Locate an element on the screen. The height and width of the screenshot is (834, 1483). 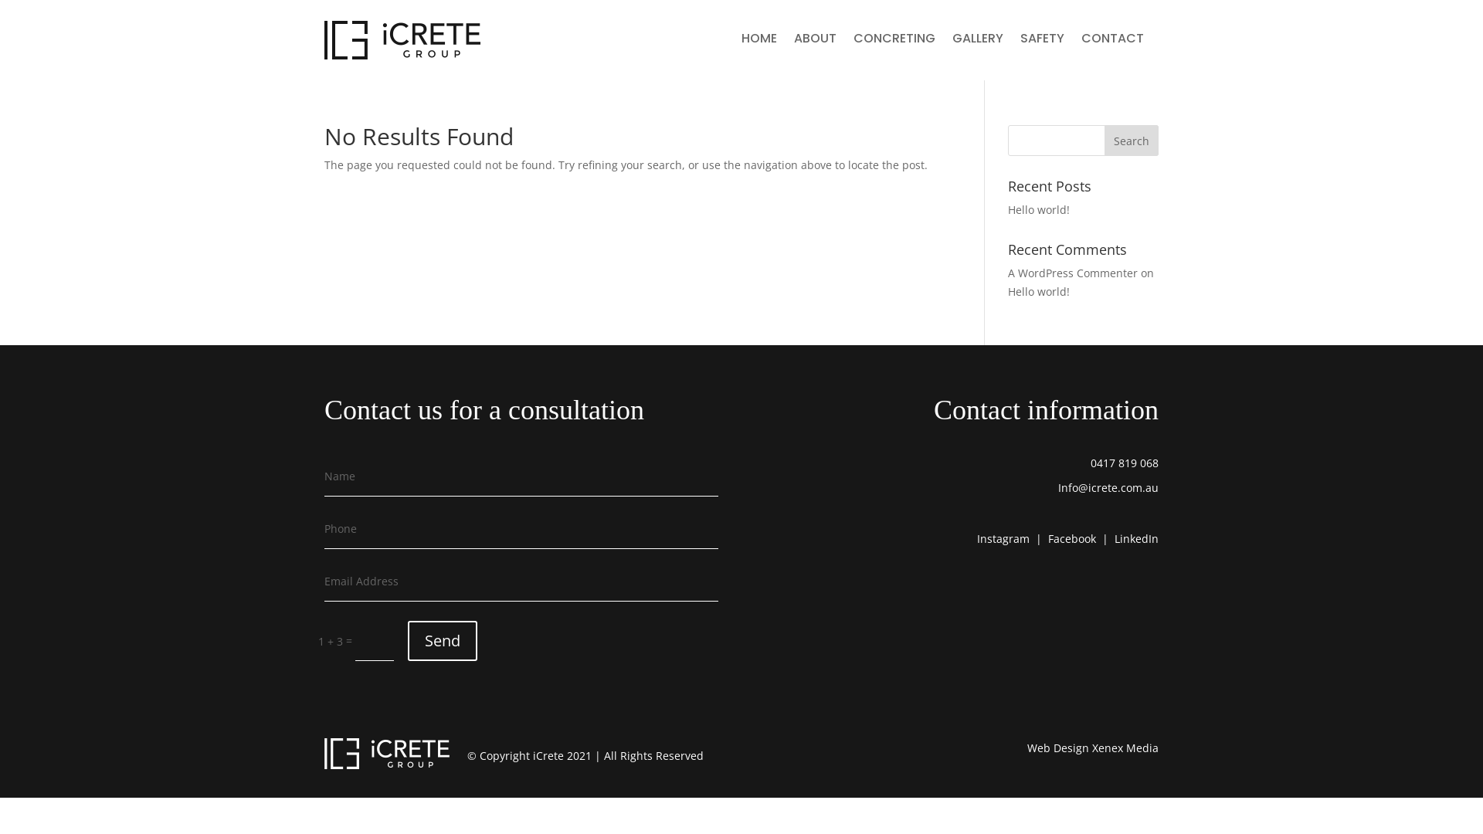
'CONCRETING' is located at coordinates (894, 41).